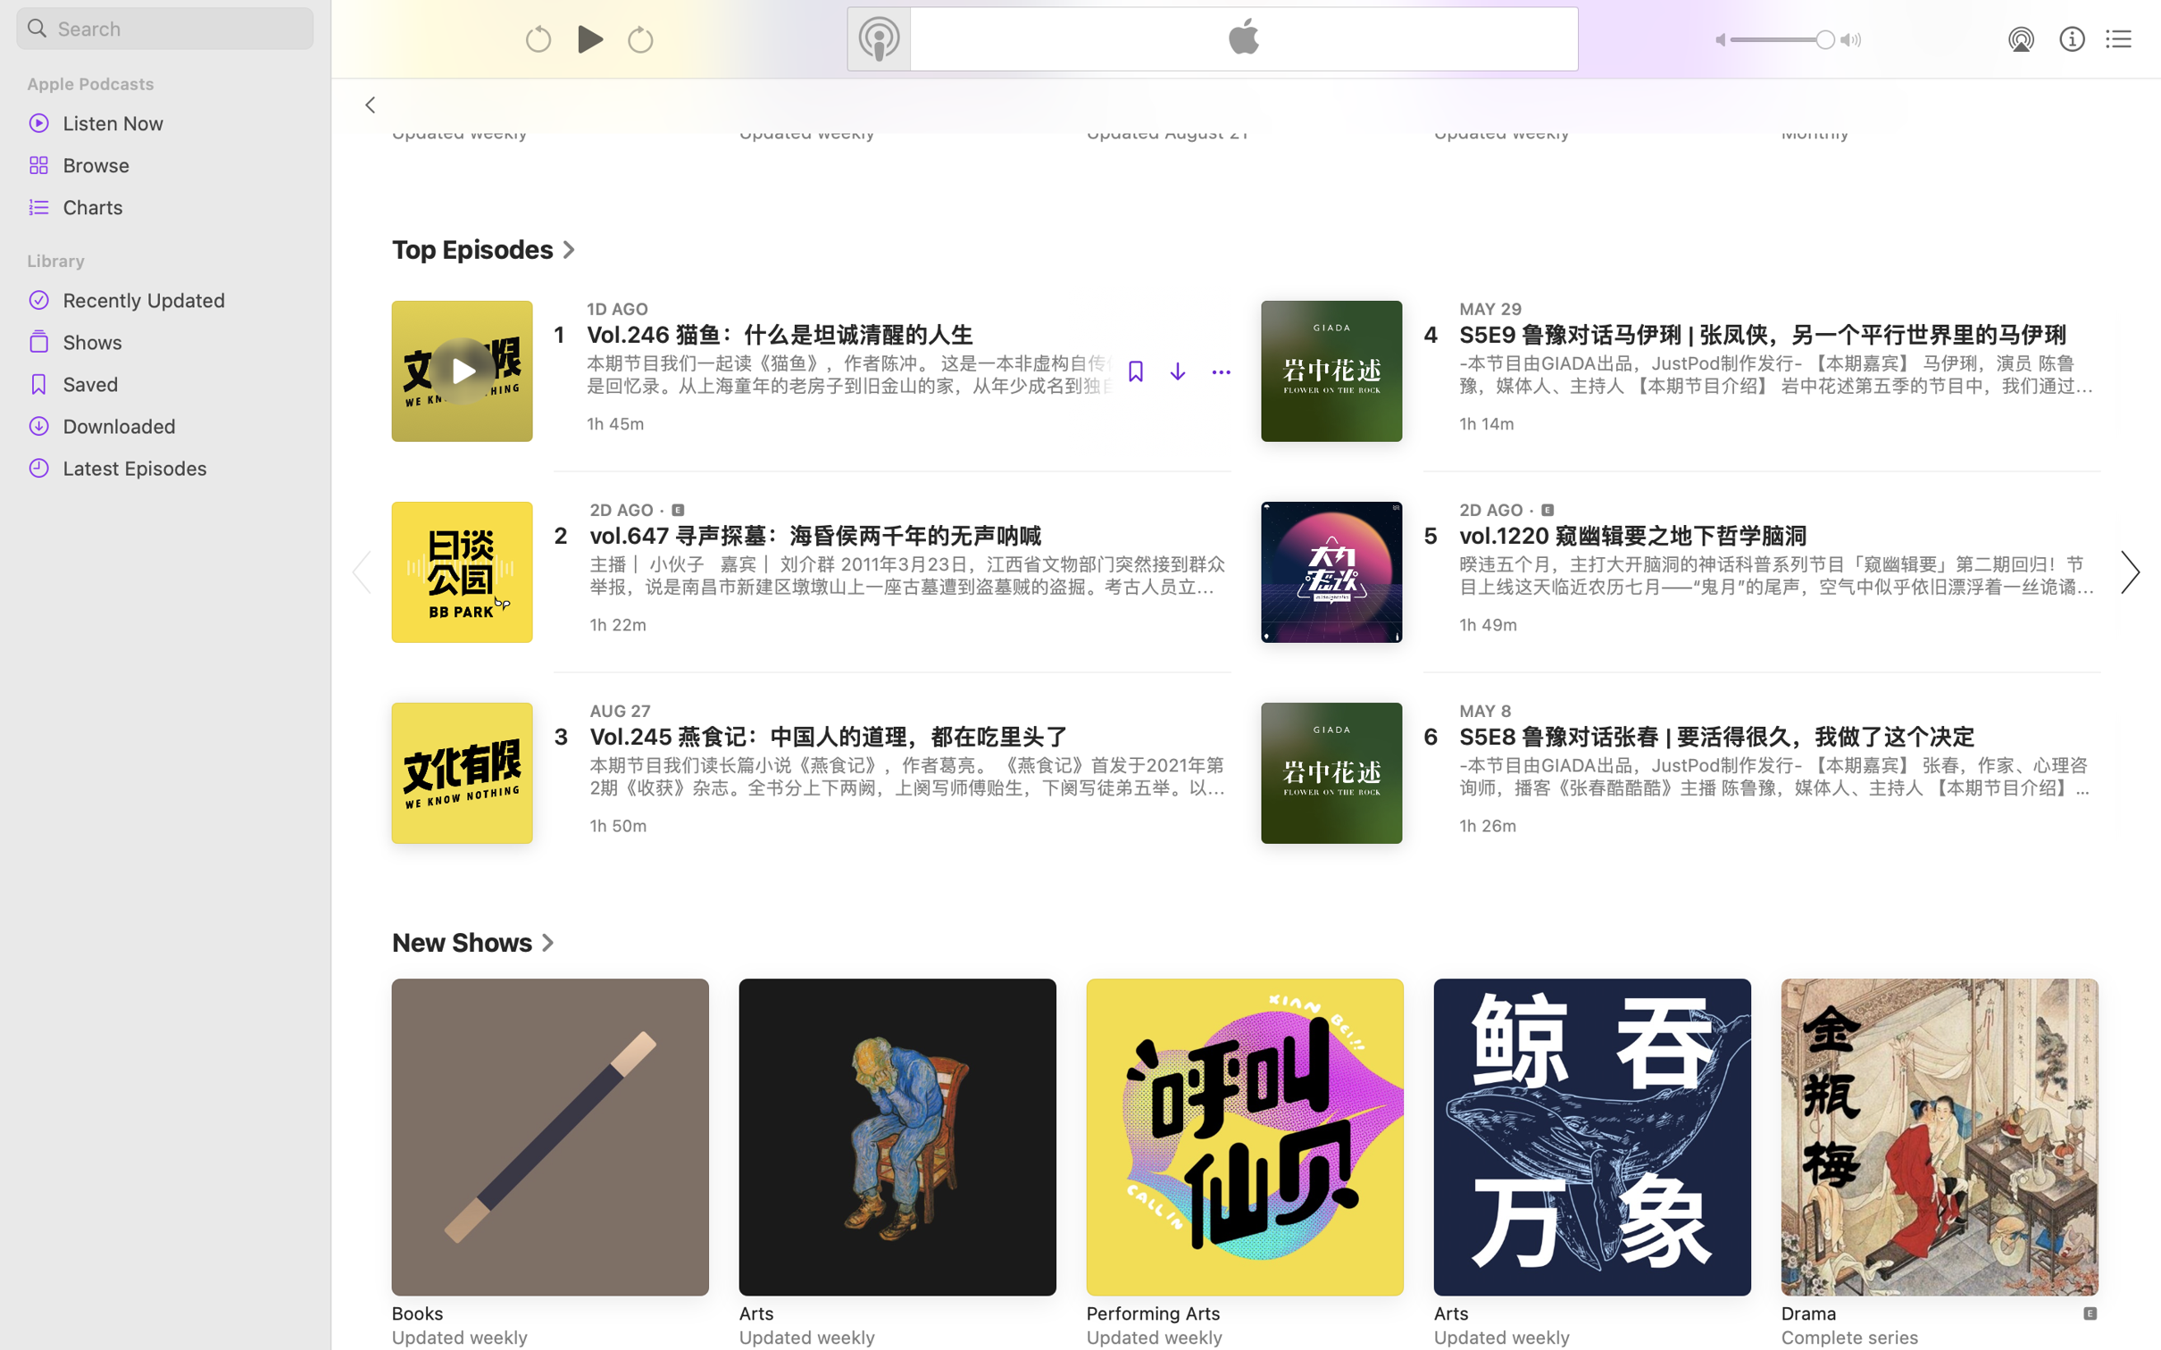 Image resolution: width=2161 pixels, height=1350 pixels. What do you see at coordinates (1782, 39) in the screenshot?
I see `'1.0'` at bounding box center [1782, 39].